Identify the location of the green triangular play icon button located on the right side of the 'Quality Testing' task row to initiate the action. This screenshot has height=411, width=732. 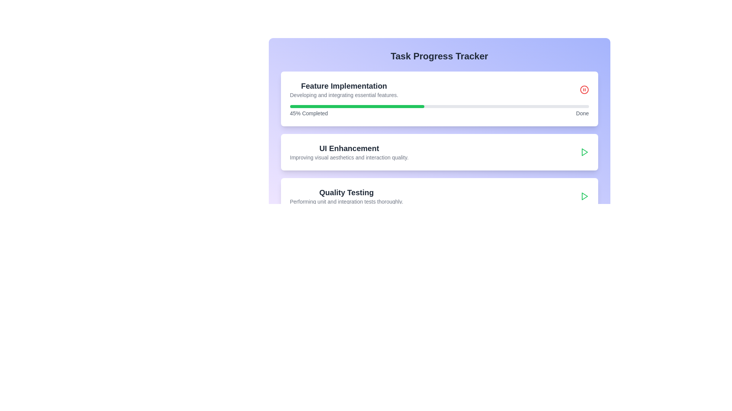
(584, 152).